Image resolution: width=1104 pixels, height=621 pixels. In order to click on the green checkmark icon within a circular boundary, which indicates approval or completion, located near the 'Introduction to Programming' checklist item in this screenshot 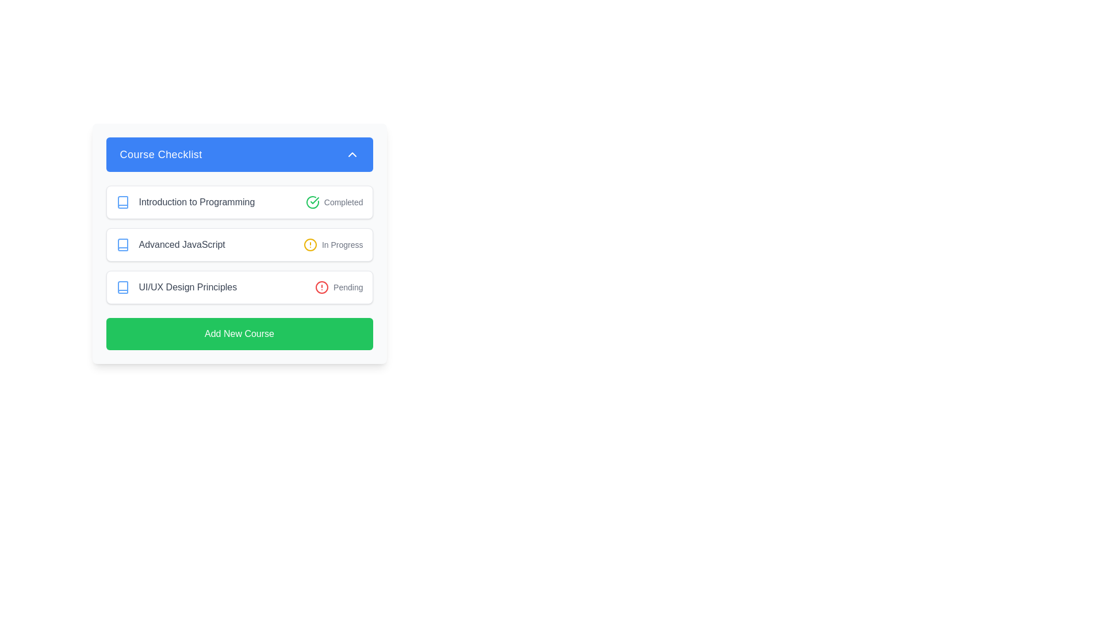, I will do `click(315, 200)`.